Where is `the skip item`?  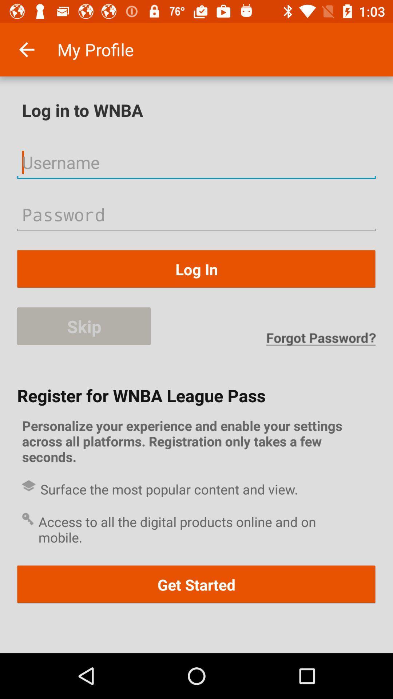
the skip item is located at coordinates (84, 326).